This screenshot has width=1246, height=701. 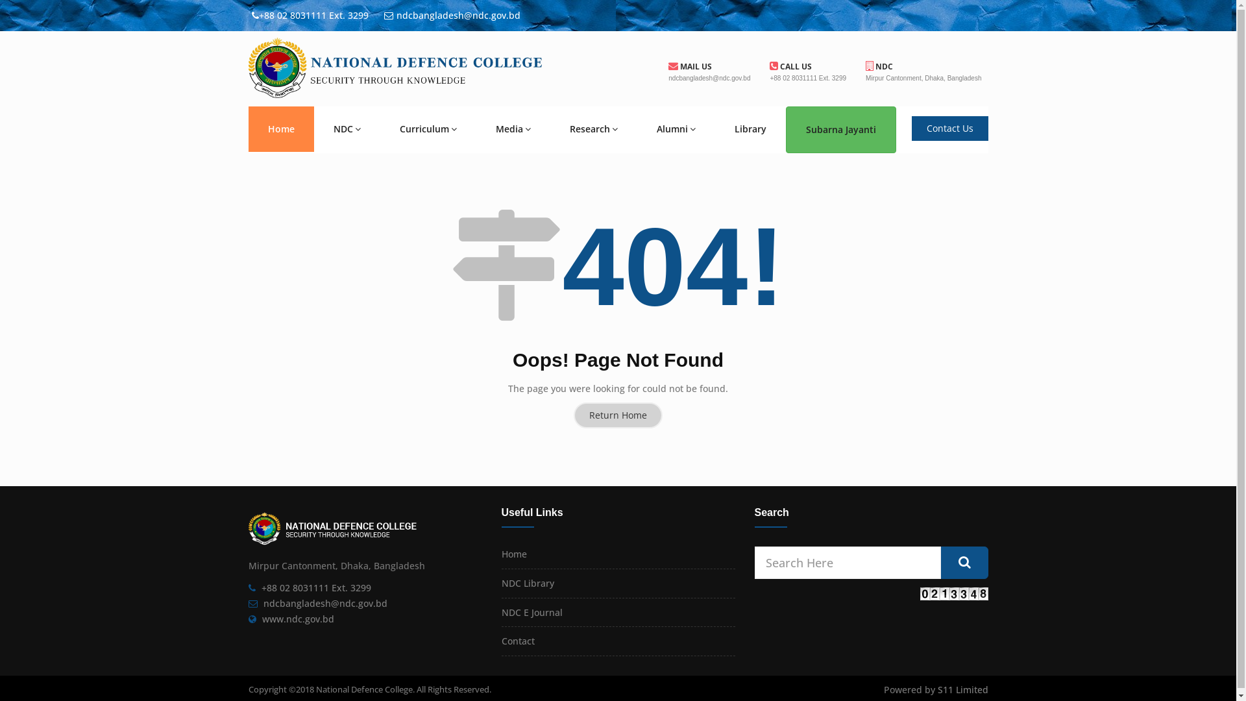 What do you see at coordinates (617, 415) in the screenshot?
I see `'Return Home'` at bounding box center [617, 415].